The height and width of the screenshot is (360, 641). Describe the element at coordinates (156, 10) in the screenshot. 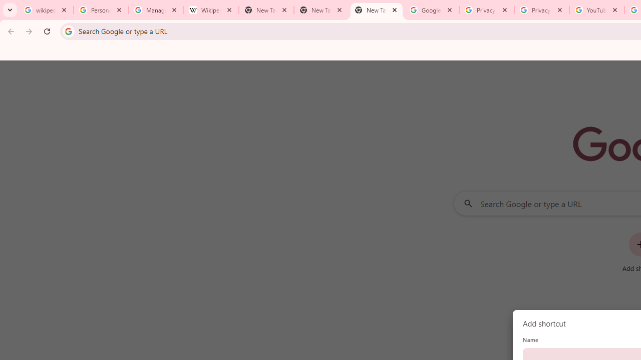

I see `'Manage your Location History - Google Search Help'` at that location.